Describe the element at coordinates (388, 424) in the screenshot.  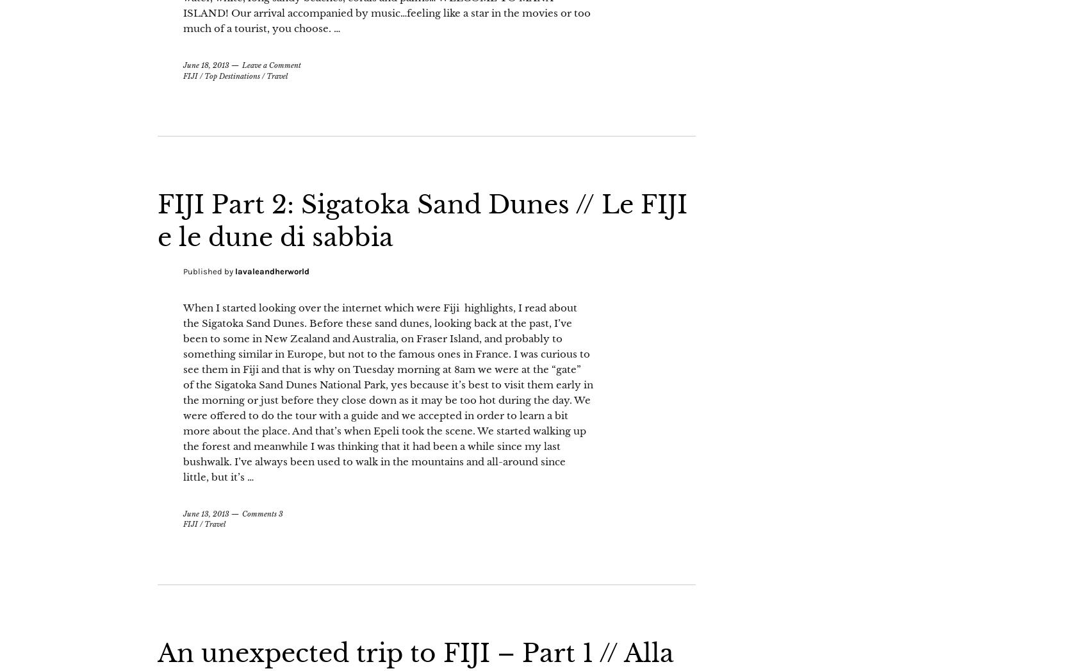
I see `'When I started looking over the internet which were Fiji  highlights, I read about the Sigatoka Sand Dunes. Before these sand dunes, looking back at the past, I’ve been to some in New Zealand and Australia, on Fraser Island, and probably to something similar in Europe, but not to the famous ones in France. I was curious to see them in Fiji and that is why on Tuesday morning at 8am we were at the “gate” of the Sigatoka Sand Dunes National Park, yes because it’s best to visit them early in the morning or just before they close down as it may be too hot during the day. We were offered to do the tour with a guide and we accepted in order to learn a bit more about the place. And that’s when Epeli took the scene. We started walking up the forest and meanwhile I was thinking that it had been a while since my last bushwalk. I’ve always been used to walk in the mountains and all-around since little, but it’s …'` at that location.